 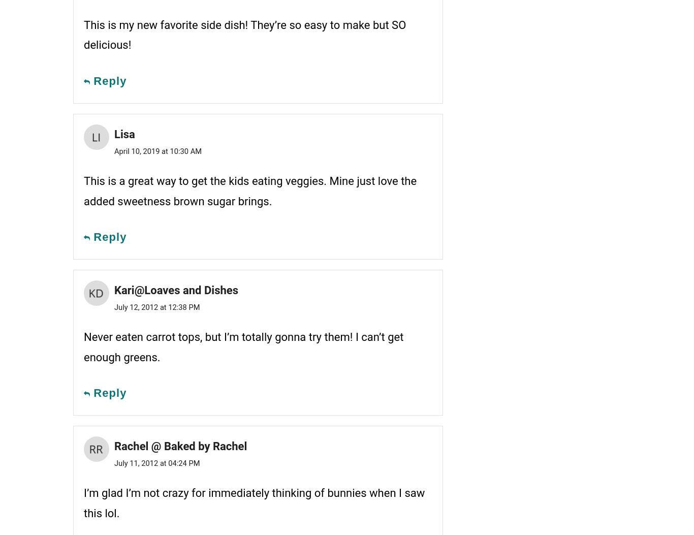 I want to click on 'Kari@Loaves and Dishes', so click(x=175, y=290).